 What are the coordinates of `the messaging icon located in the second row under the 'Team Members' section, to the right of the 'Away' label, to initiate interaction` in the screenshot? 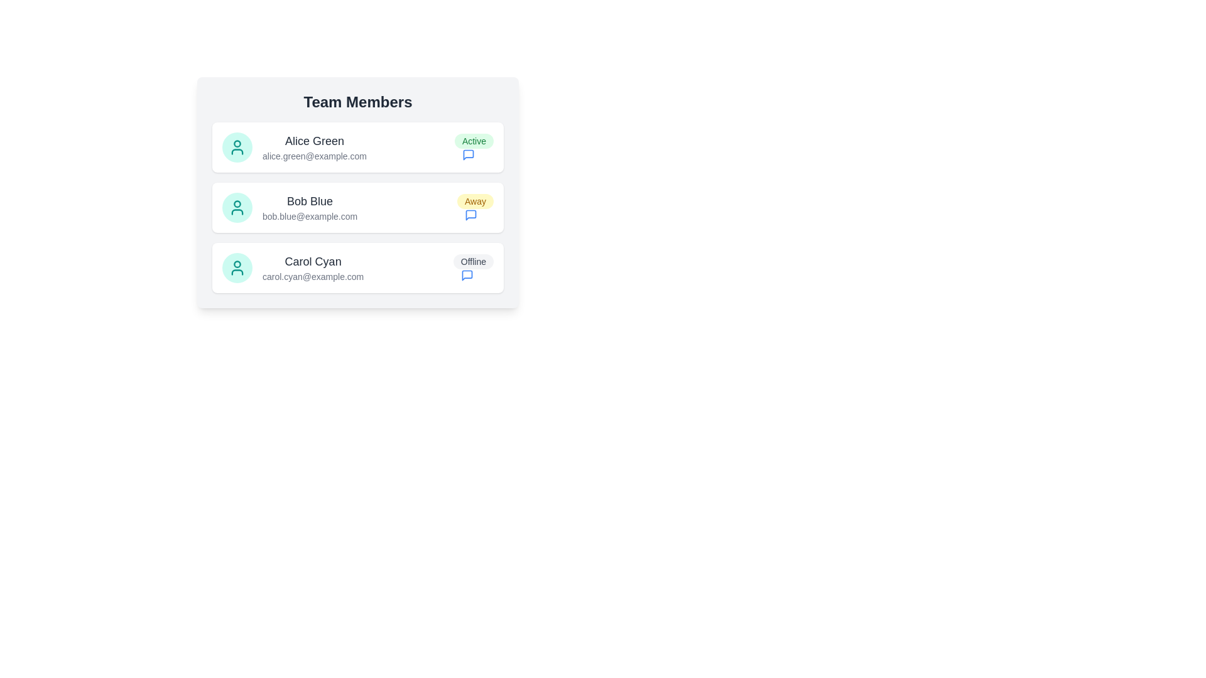 It's located at (470, 215).